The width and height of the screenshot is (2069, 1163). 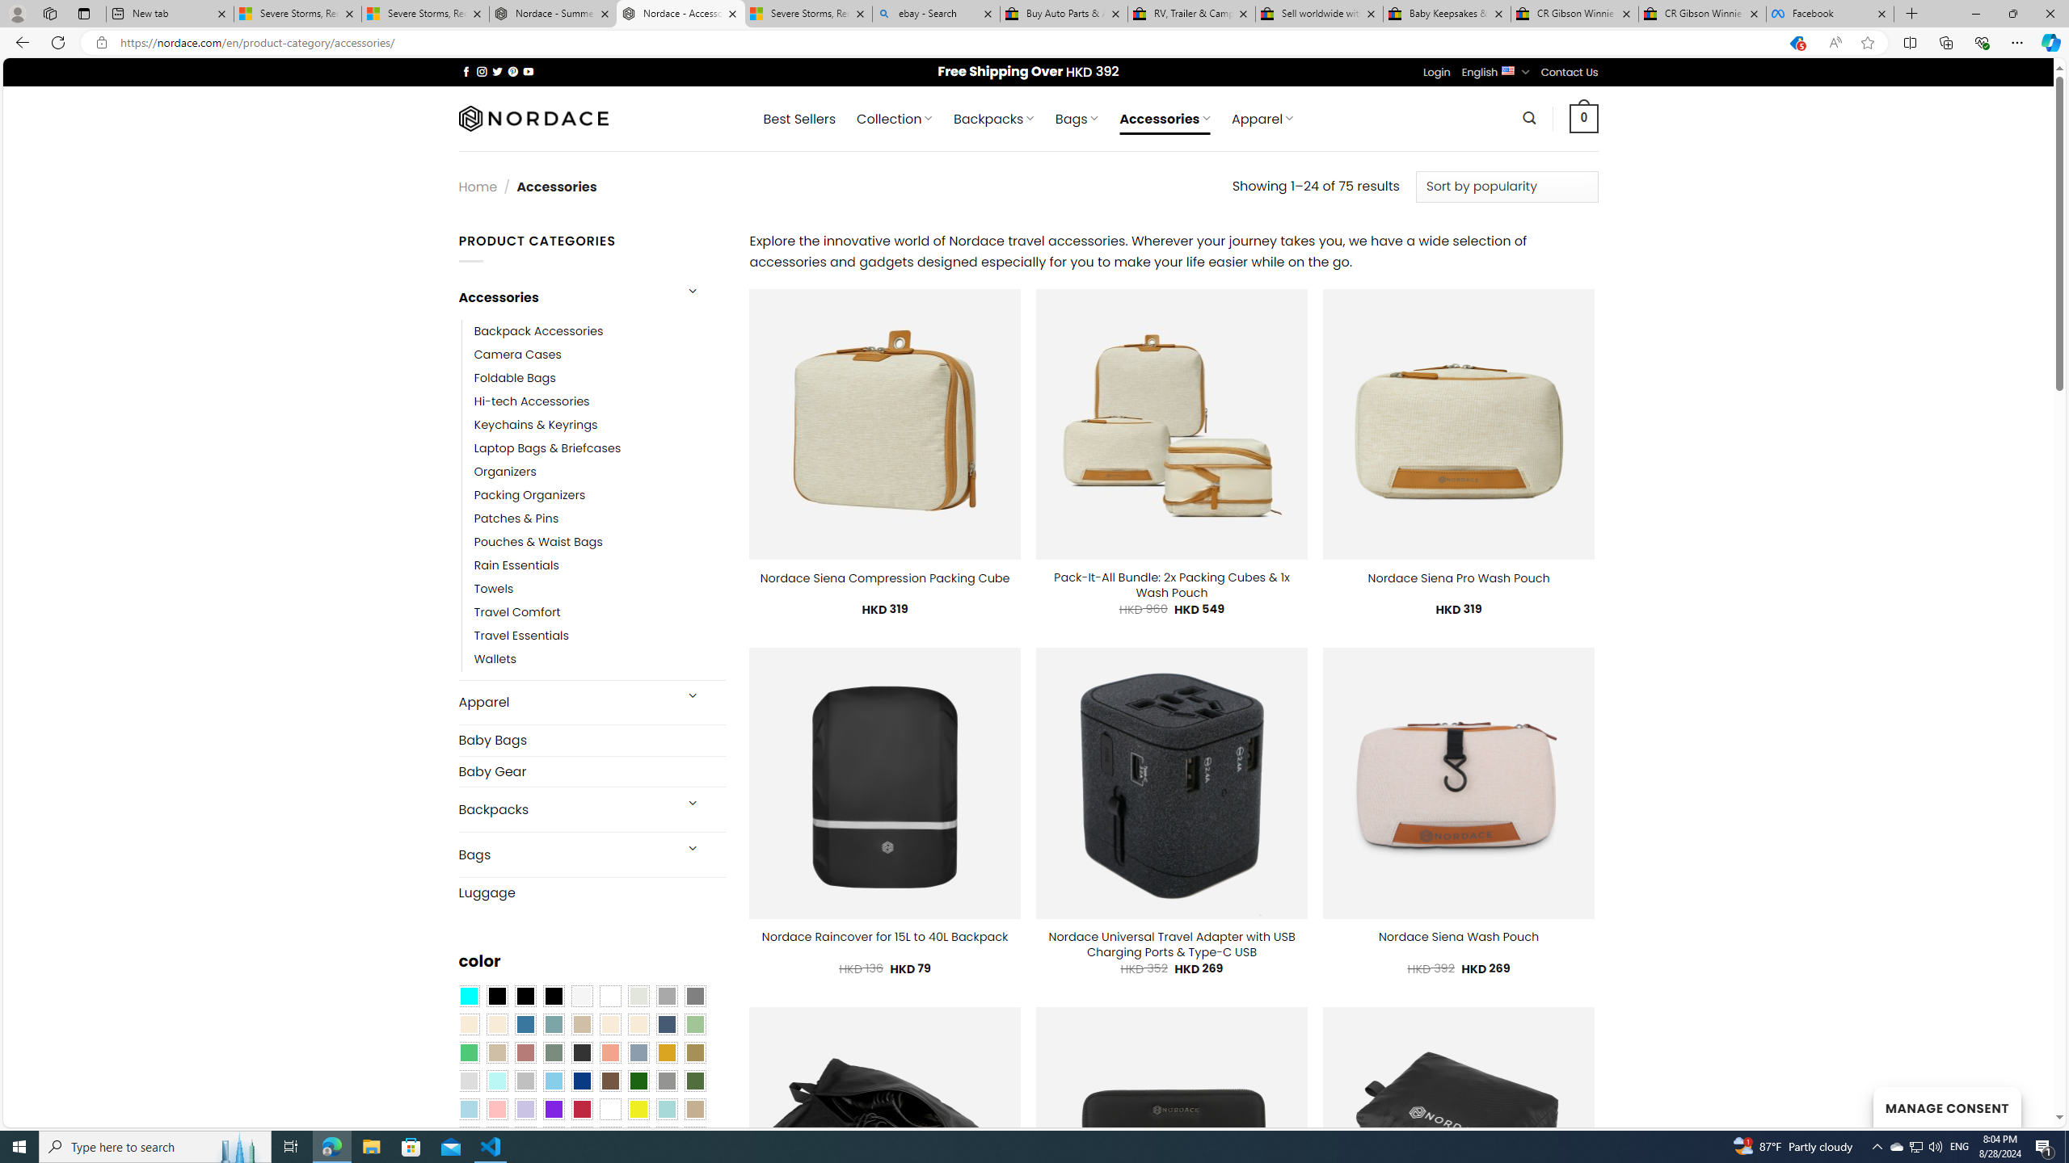 I want to click on 'Mint', so click(x=495, y=1081).